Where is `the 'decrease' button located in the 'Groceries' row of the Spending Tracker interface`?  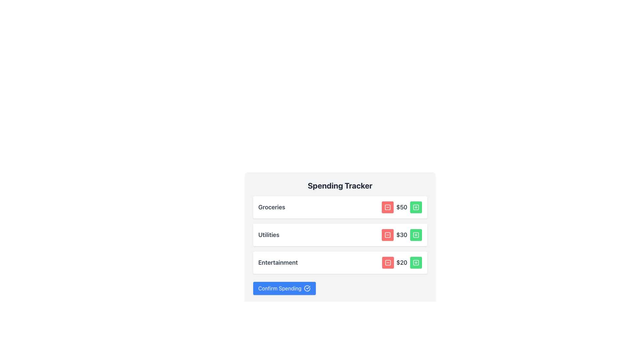 the 'decrease' button located in the 'Groceries' row of the Spending Tracker interface is located at coordinates (388, 207).